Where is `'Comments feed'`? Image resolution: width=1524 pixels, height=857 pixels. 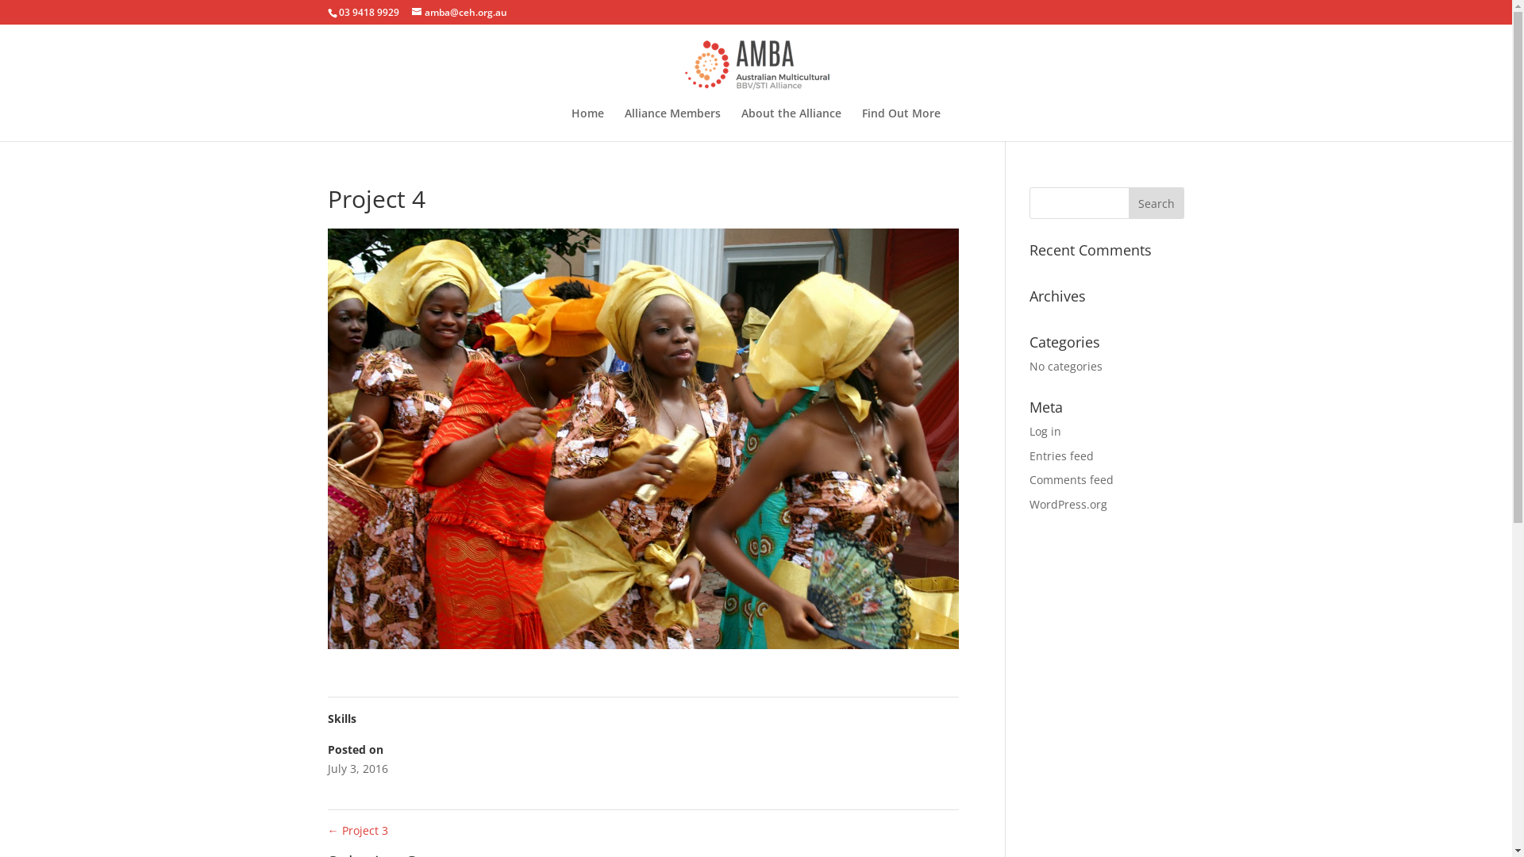 'Comments feed' is located at coordinates (1071, 478).